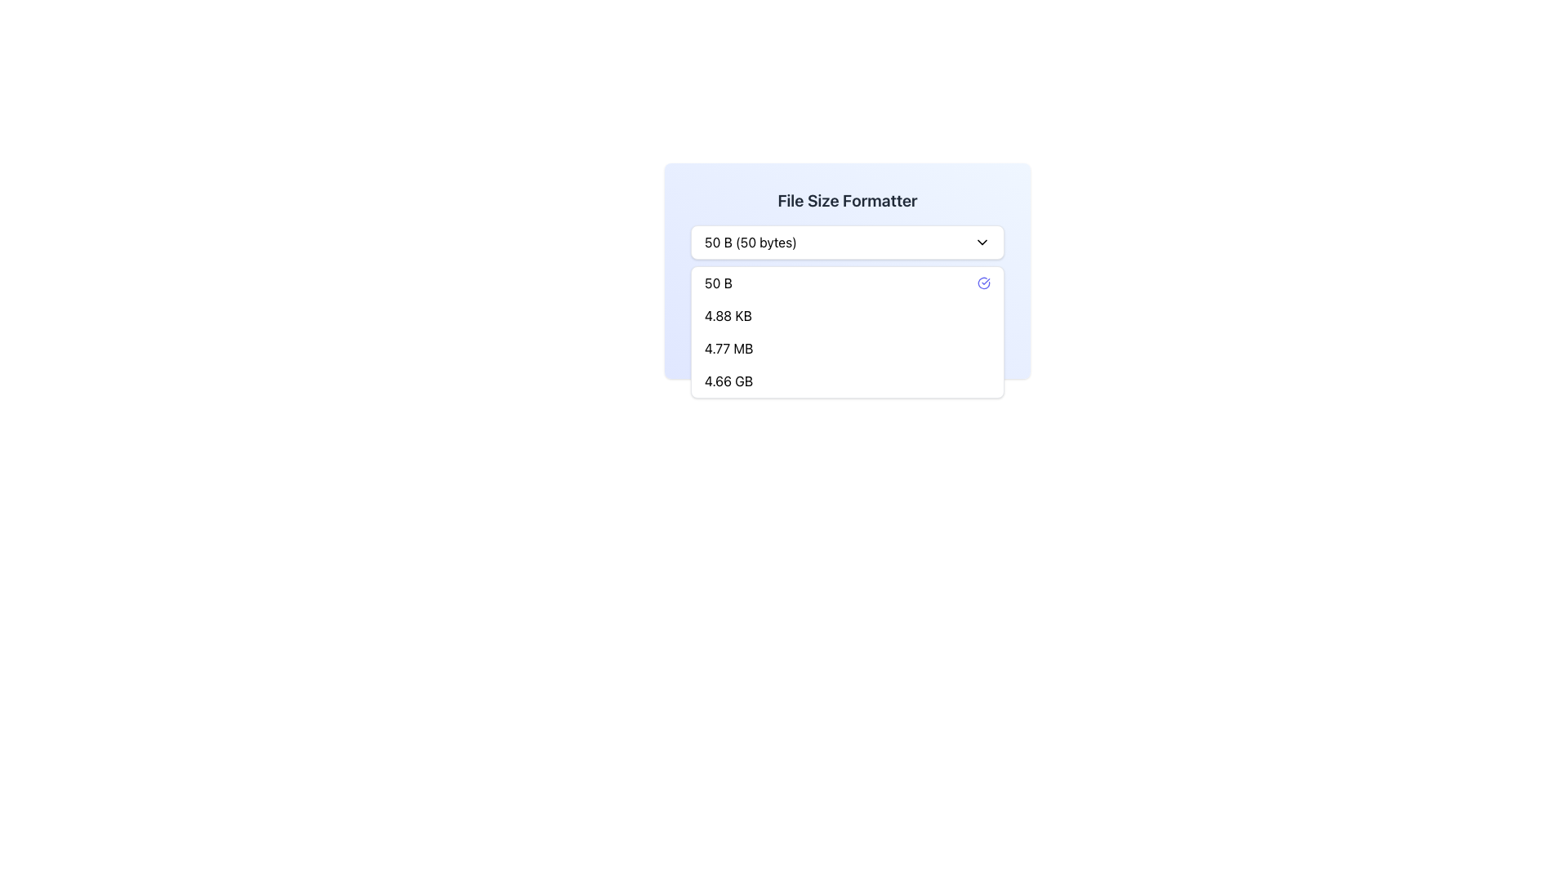 The width and height of the screenshot is (1568, 882). I want to click on the text element representing the size option '50 B' in the dropdown list, so click(718, 283).